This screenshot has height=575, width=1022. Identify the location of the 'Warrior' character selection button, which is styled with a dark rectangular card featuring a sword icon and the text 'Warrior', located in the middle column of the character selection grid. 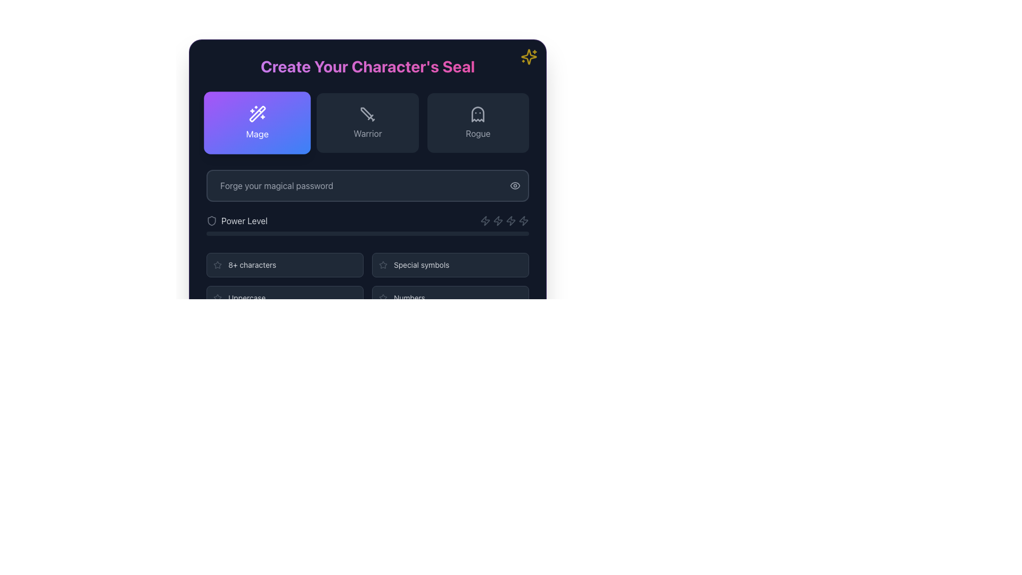
(368, 122).